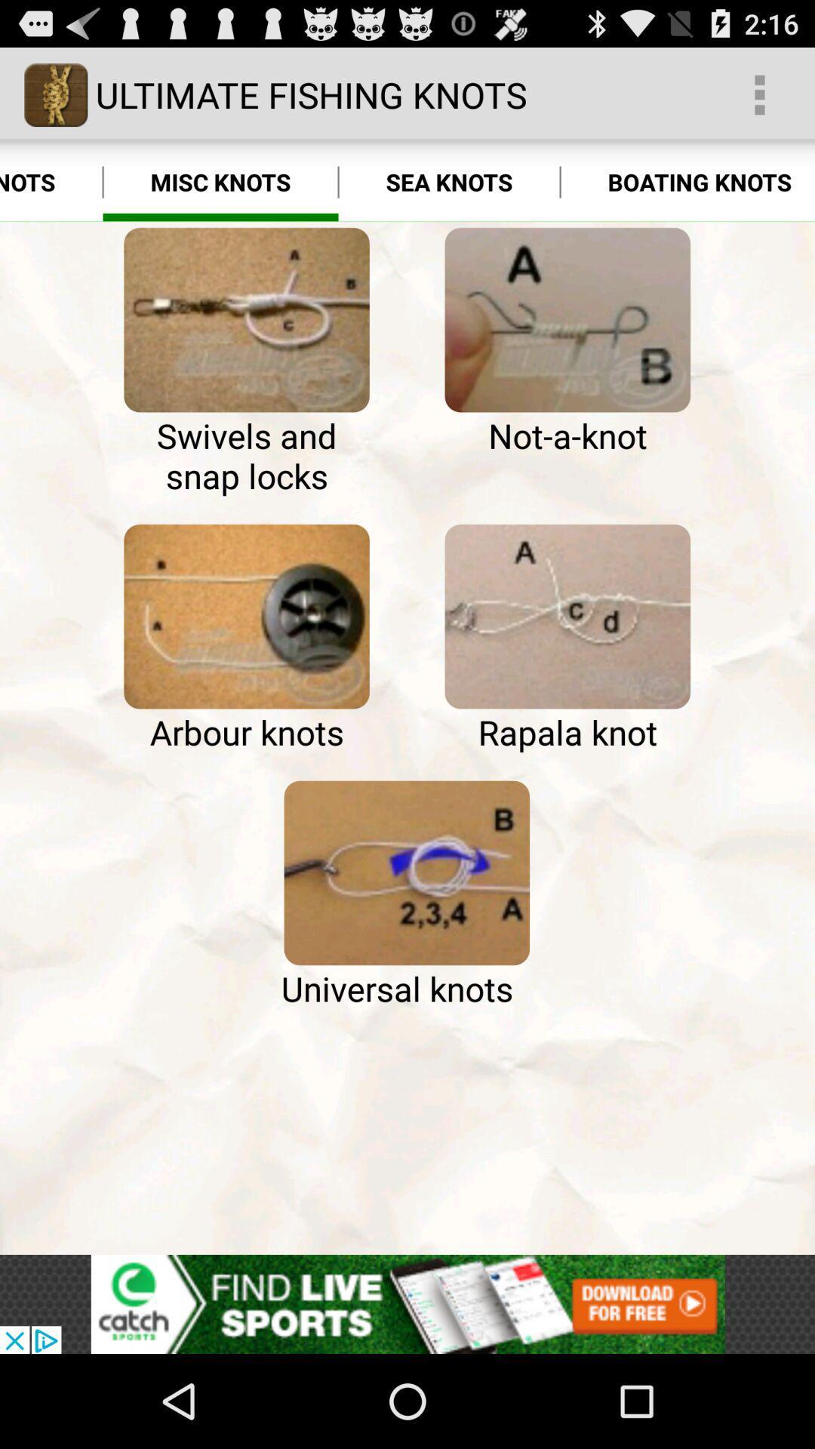 The width and height of the screenshot is (815, 1449). Describe the element at coordinates (406, 872) in the screenshot. I see `see more universo knots information` at that location.